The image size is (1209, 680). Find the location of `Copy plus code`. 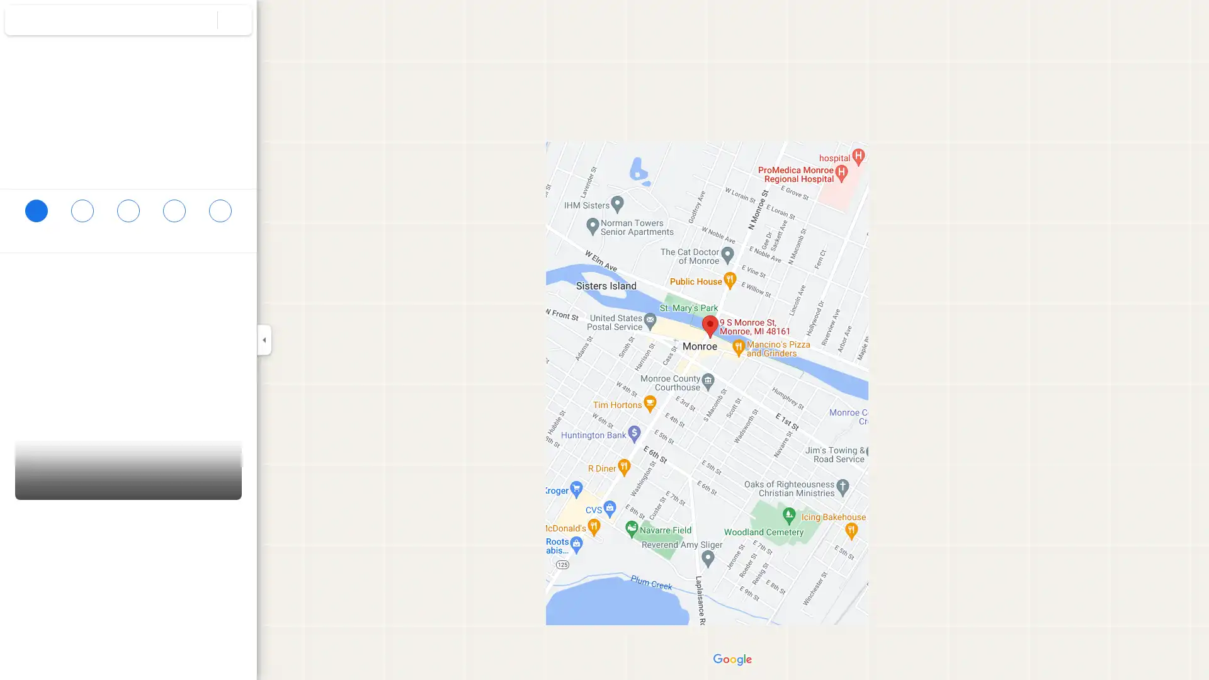

Copy plus code is located at coordinates (207, 301).